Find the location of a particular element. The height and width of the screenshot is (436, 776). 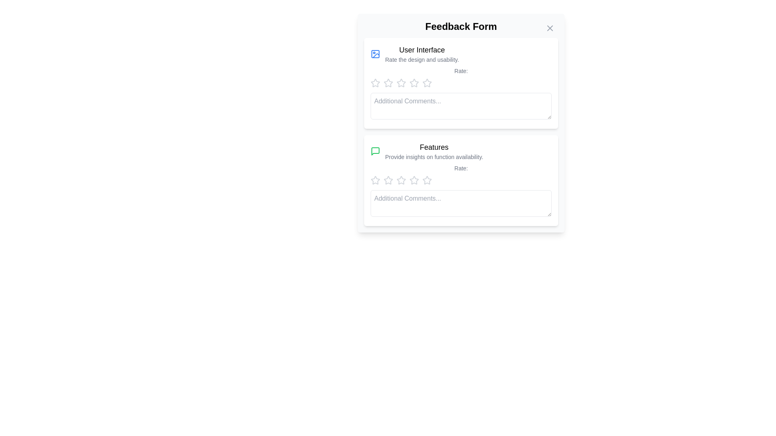

the second gray star icon in the rating section of the feedback form is located at coordinates (388, 83).